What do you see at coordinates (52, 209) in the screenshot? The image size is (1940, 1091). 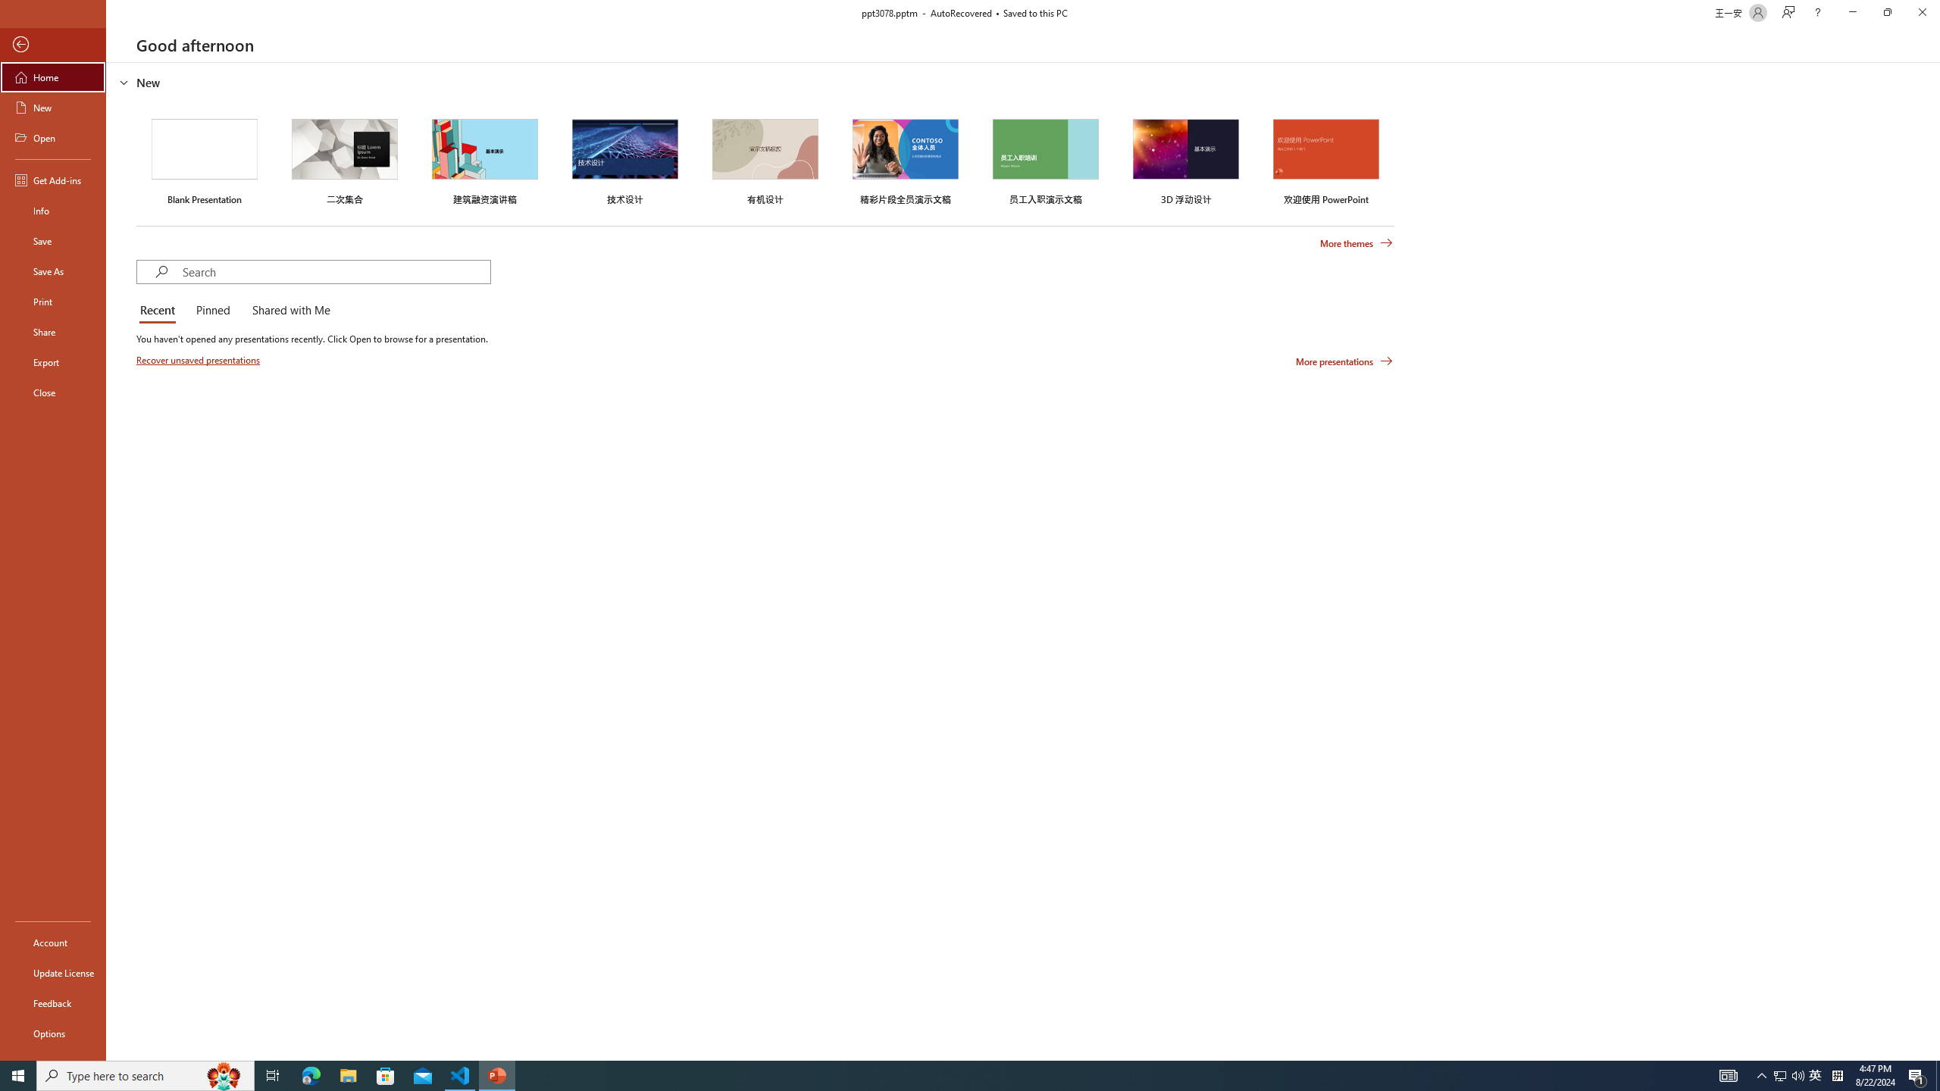 I see `'Info'` at bounding box center [52, 209].